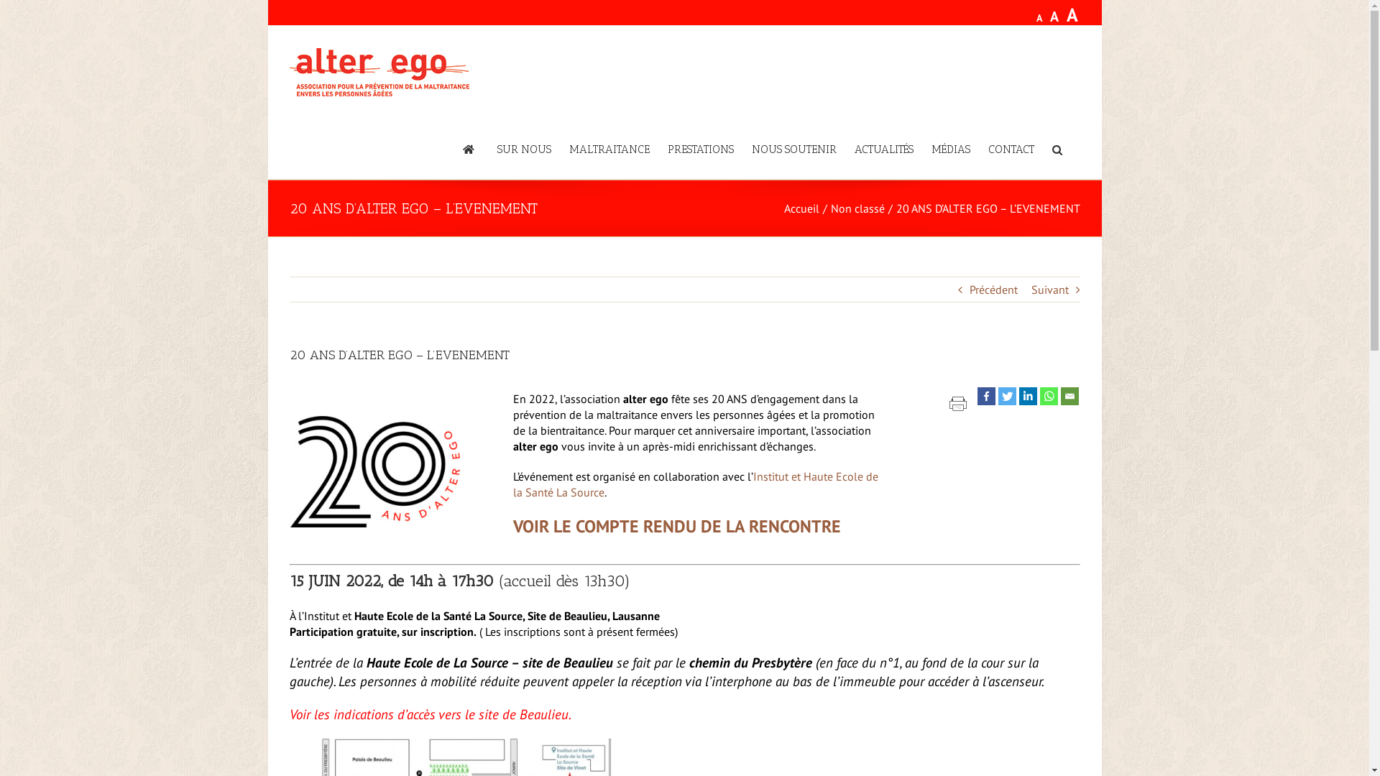 This screenshot has width=1380, height=776. Describe the element at coordinates (1027, 396) in the screenshot. I see `'Linkedin'` at that location.